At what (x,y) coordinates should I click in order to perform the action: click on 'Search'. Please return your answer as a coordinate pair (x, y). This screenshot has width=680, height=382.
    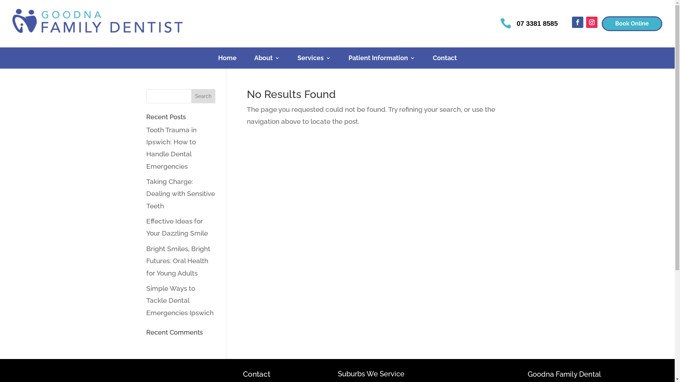
    Looking at the image, I should click on (203, 96).